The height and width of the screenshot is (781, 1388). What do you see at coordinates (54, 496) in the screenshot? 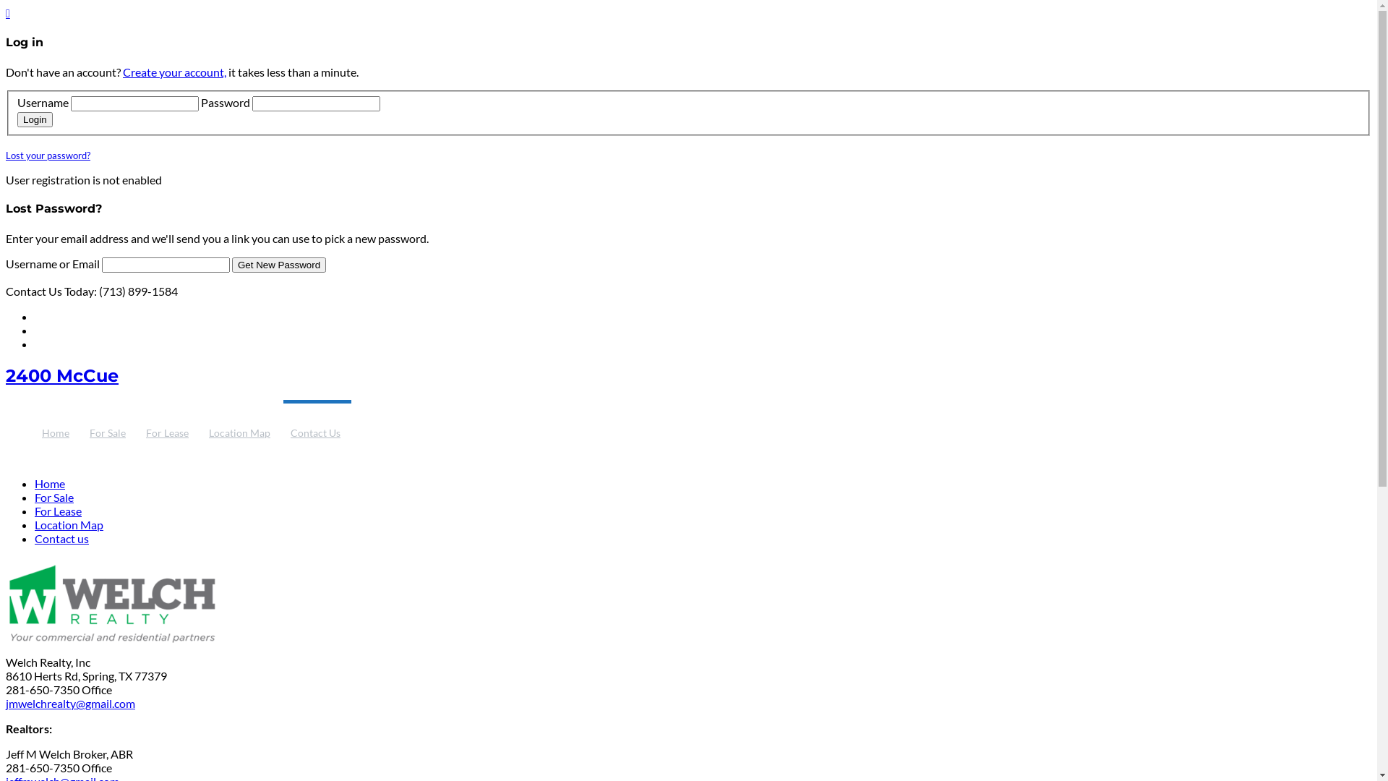
I see `'For Sale'` at bounding box center [54, 496].